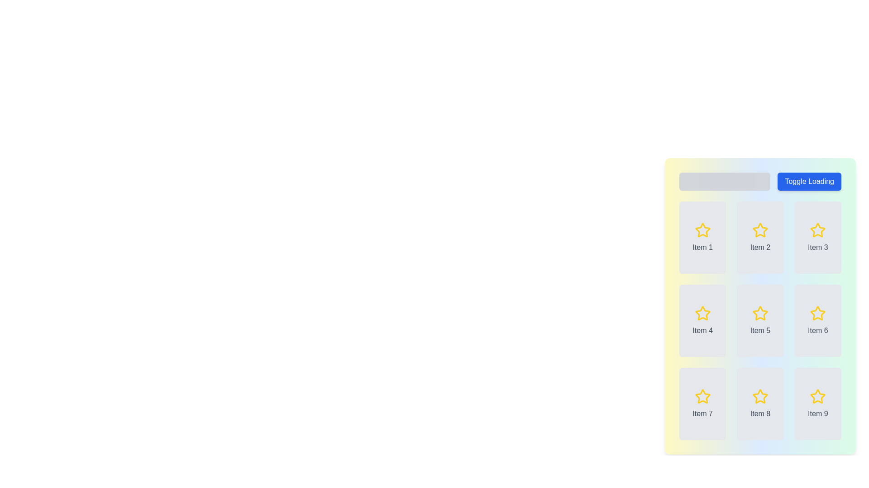 The image size is (869, 488). Describe the element at coordinates (760, 413) in the screenshot. I see `displayed text from the Text Label located in the second row and second column of the grid layout, positioned below a star icon` at that location.